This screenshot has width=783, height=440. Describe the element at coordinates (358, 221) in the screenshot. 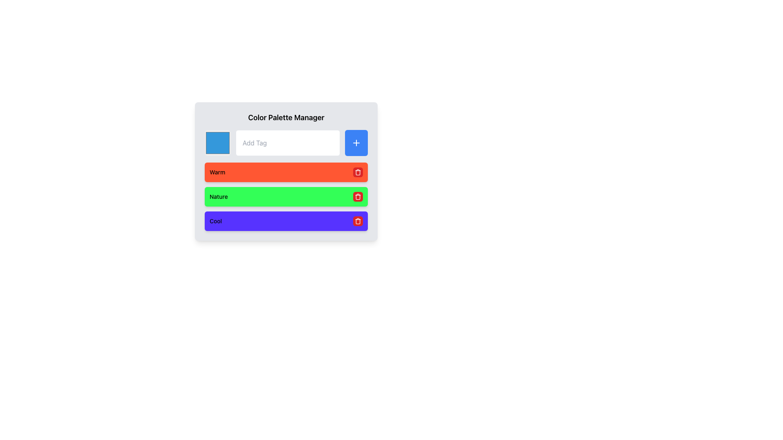

I see `the delete button located at the right-most end of the 'Cool' section in the bottom-most item of the vertically stacked color-coded list` at that location.